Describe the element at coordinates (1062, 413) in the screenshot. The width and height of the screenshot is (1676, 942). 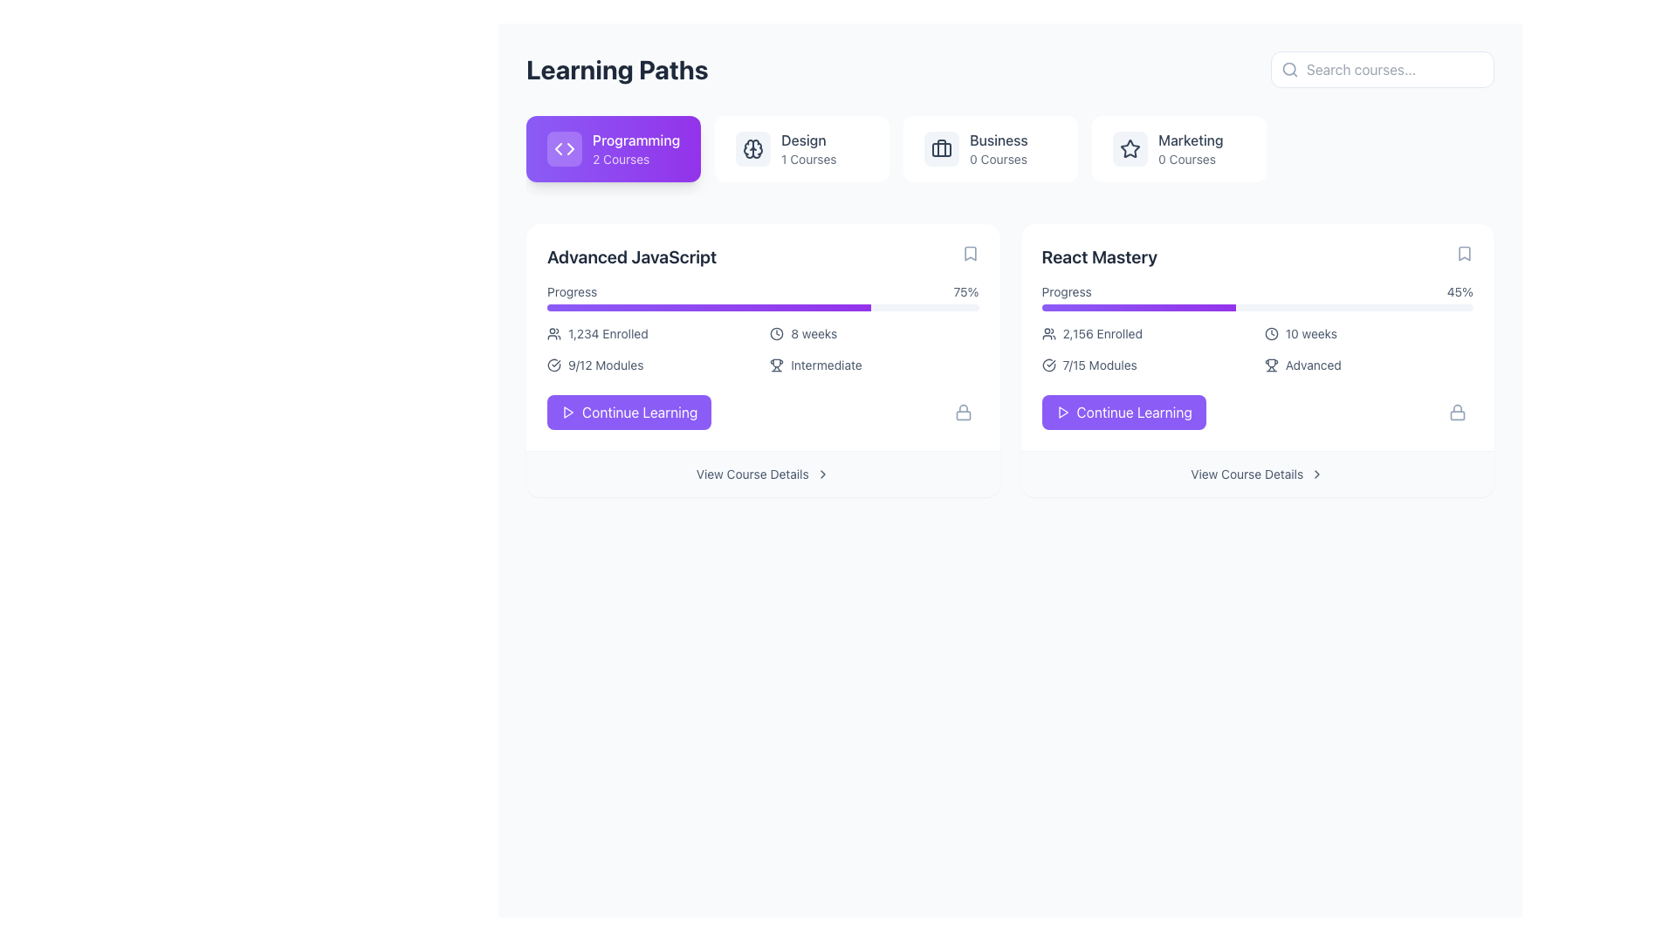
I see `the purple button labeled 'Continue Learning' that contains the triangular 'play' icon` at that location.